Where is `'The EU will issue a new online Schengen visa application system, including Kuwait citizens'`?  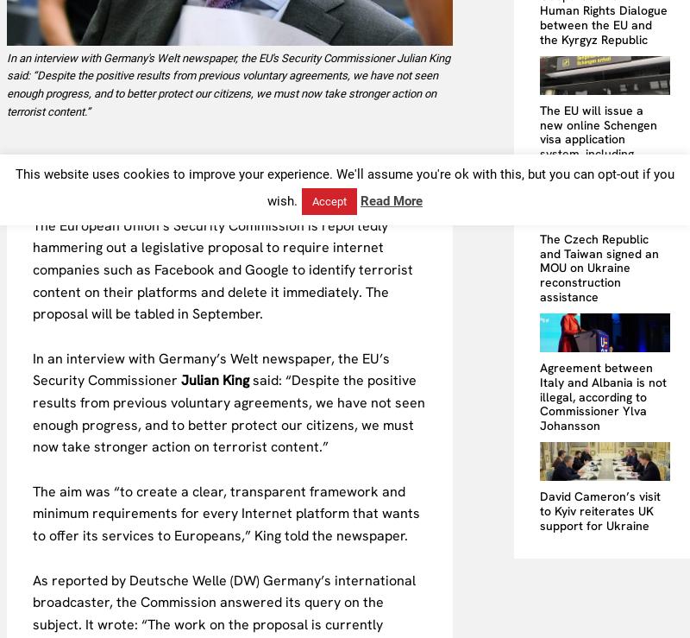 'The EU will issue a new online Schengen visa application system, including Kuwait citizens' is located at coordinates (599, 137).